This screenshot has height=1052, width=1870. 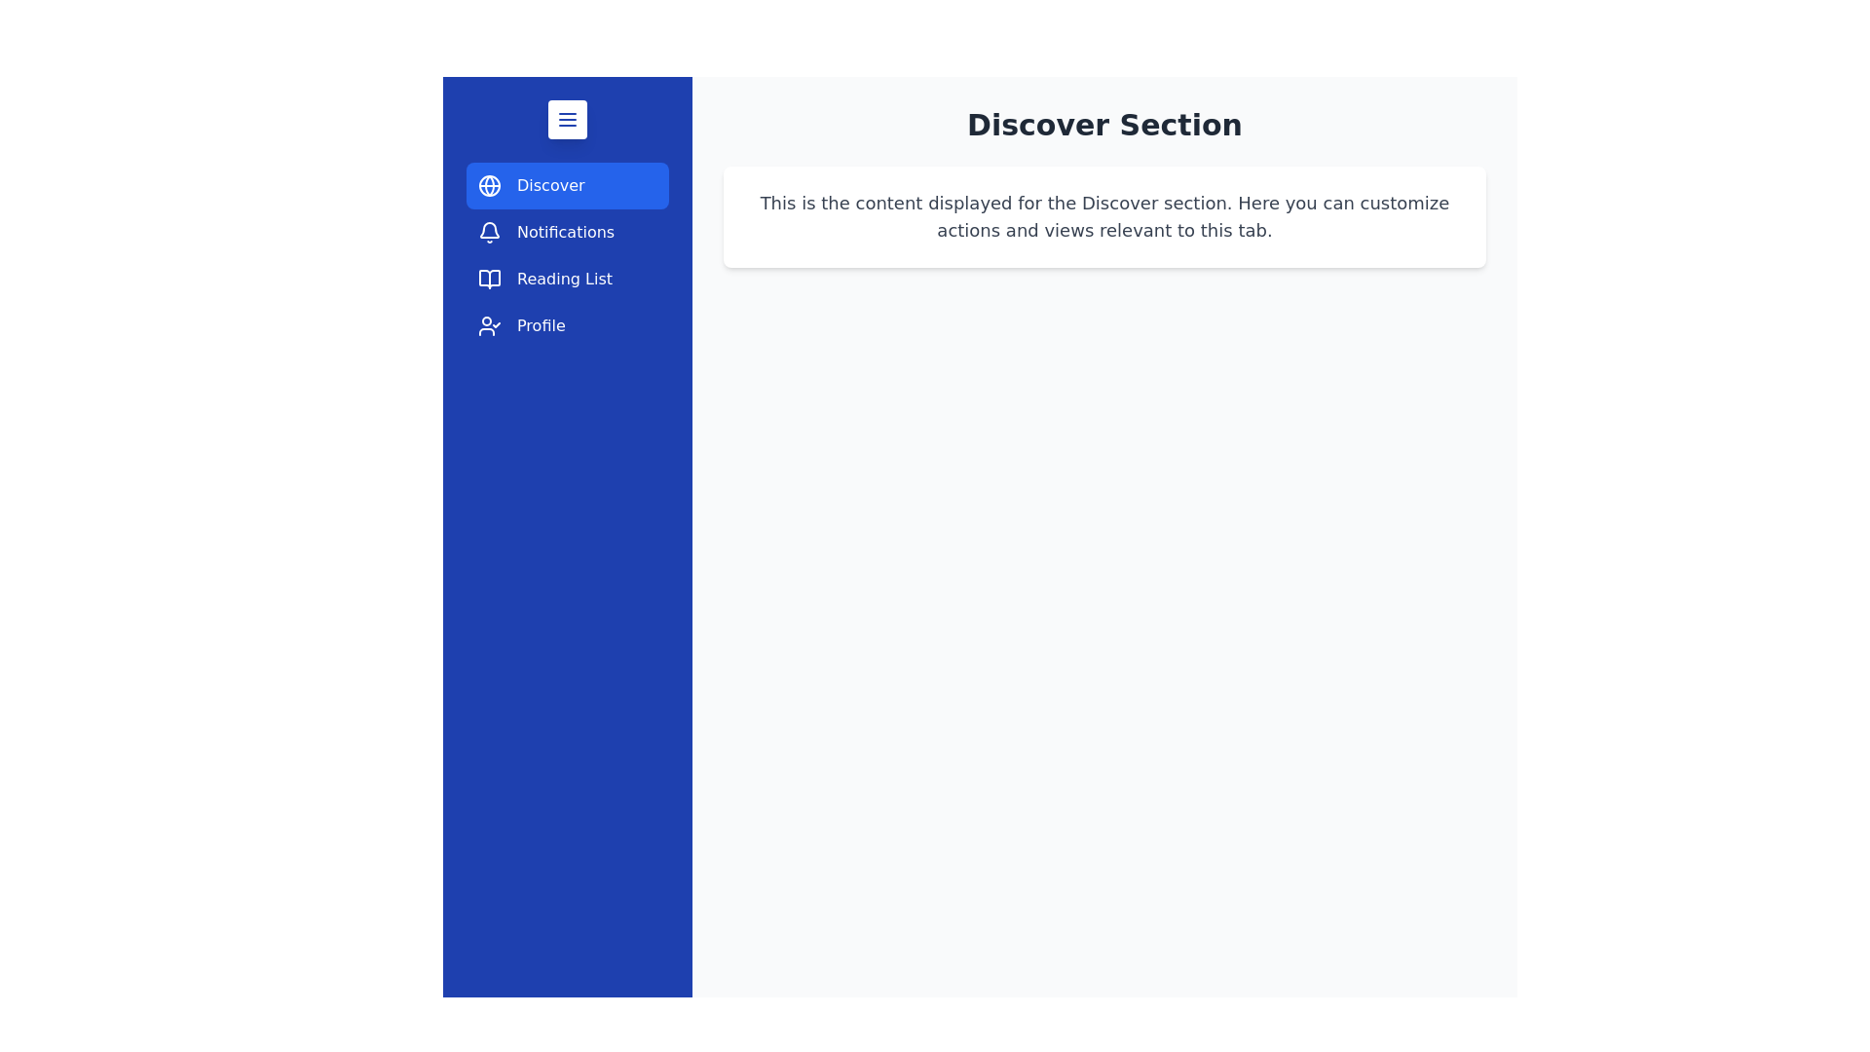 I want to click on the drawer toggle button to toggle its open/closed state, so click(x=566, y=120).